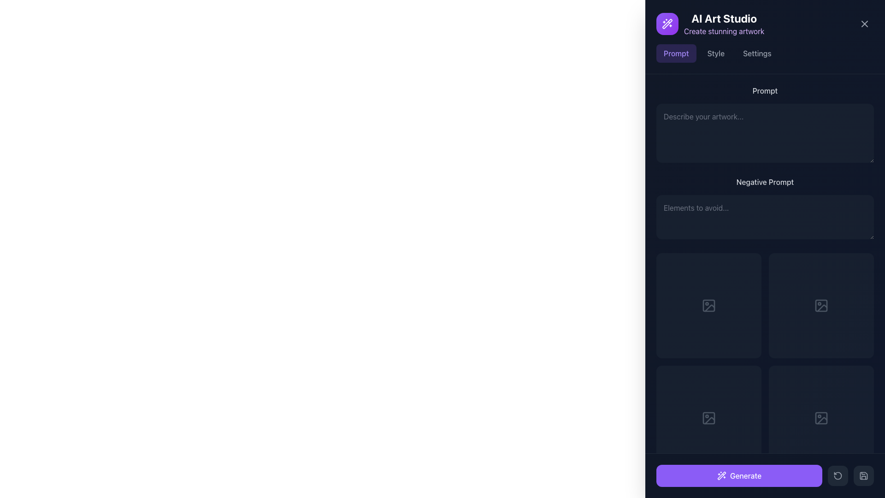 This screenshot has height=498, width=885. What do you see at coordinates (864, 23) in the screenshot?
I see `the 'X' icon located at the top-right corner of the 'AI Art Studio' interface` at bounding box center [864, 23].